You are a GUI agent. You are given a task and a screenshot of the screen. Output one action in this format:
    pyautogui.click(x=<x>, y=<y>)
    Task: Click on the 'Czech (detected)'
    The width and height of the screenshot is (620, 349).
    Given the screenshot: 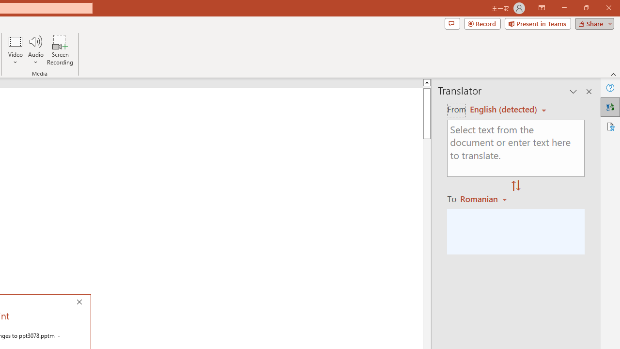 What is the action you would take?
    pyautogui.click(x=504, y=109)
    